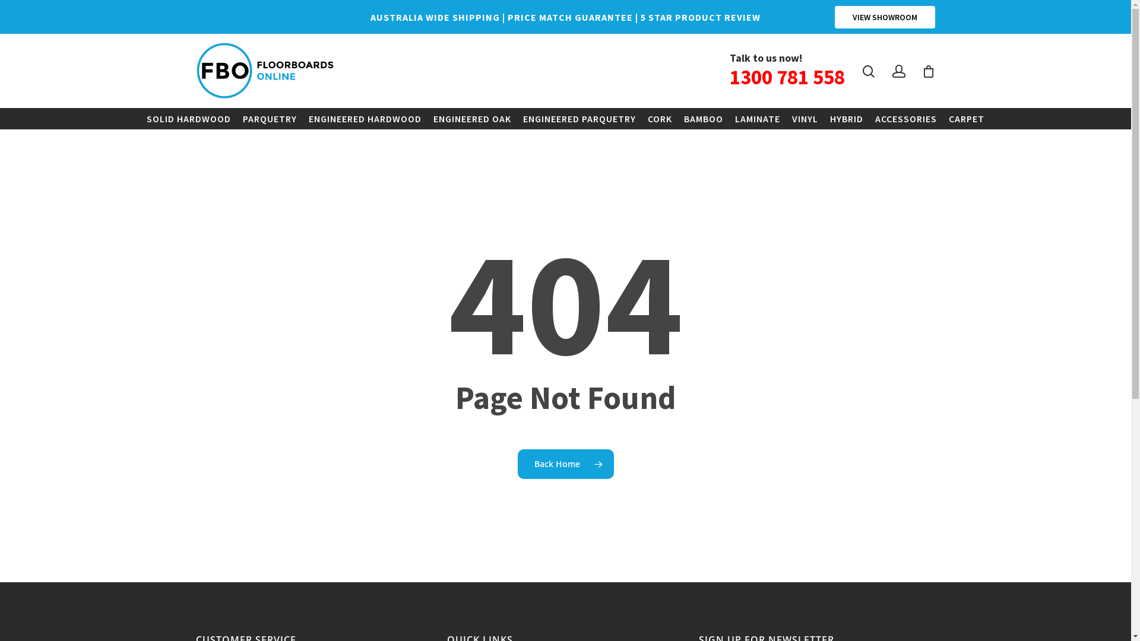  Describe the element at coordinates (757, 119) in the screenshot. I see `'LAMINATE'` at that location.